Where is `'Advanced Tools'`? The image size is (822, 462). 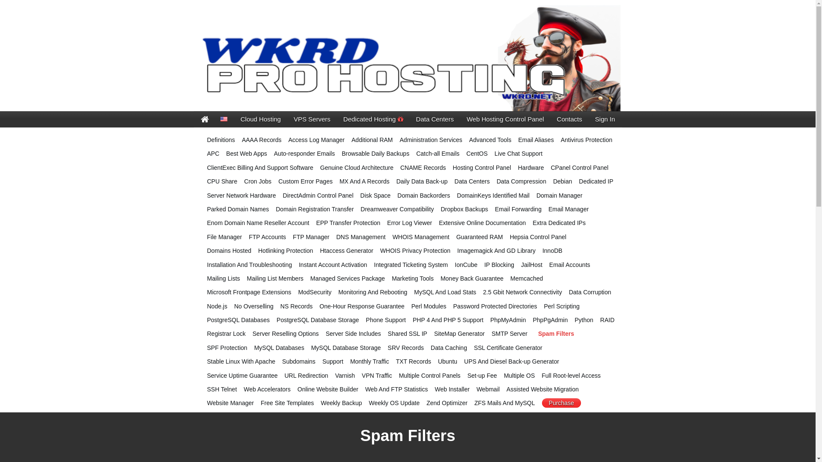
'Advanced Tools' is located at coordinates (490, 139).